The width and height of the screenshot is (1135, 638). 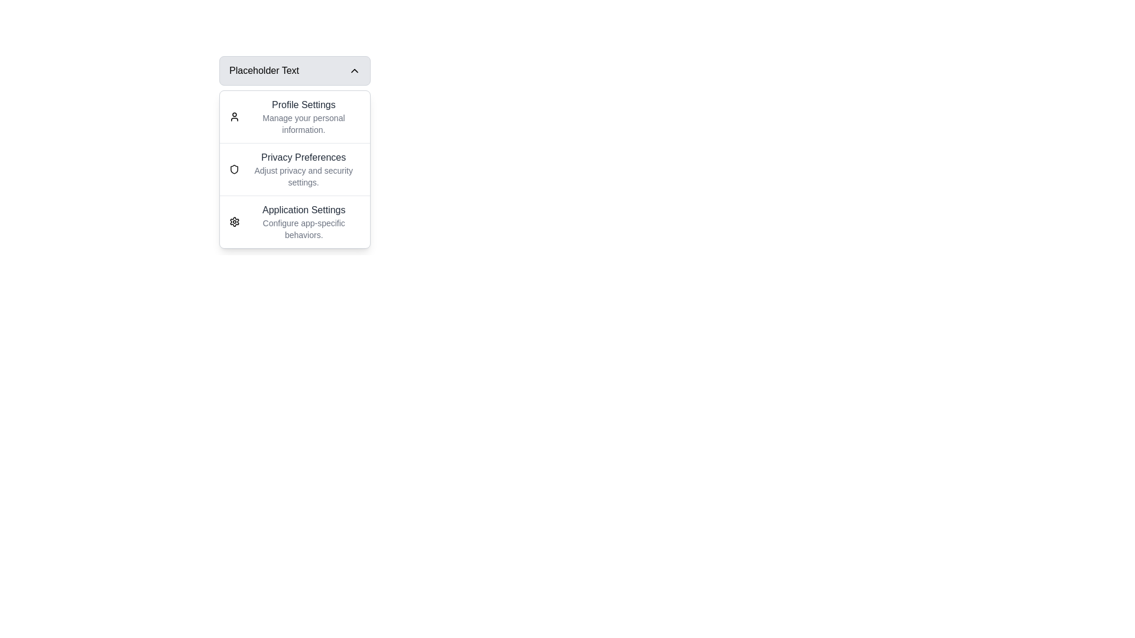 I want to click on the 'Application Settings' menu item located in the bottommost row of the dropdown menu, positioned below 'Privacy Preferences', so click(x=304, y=222).